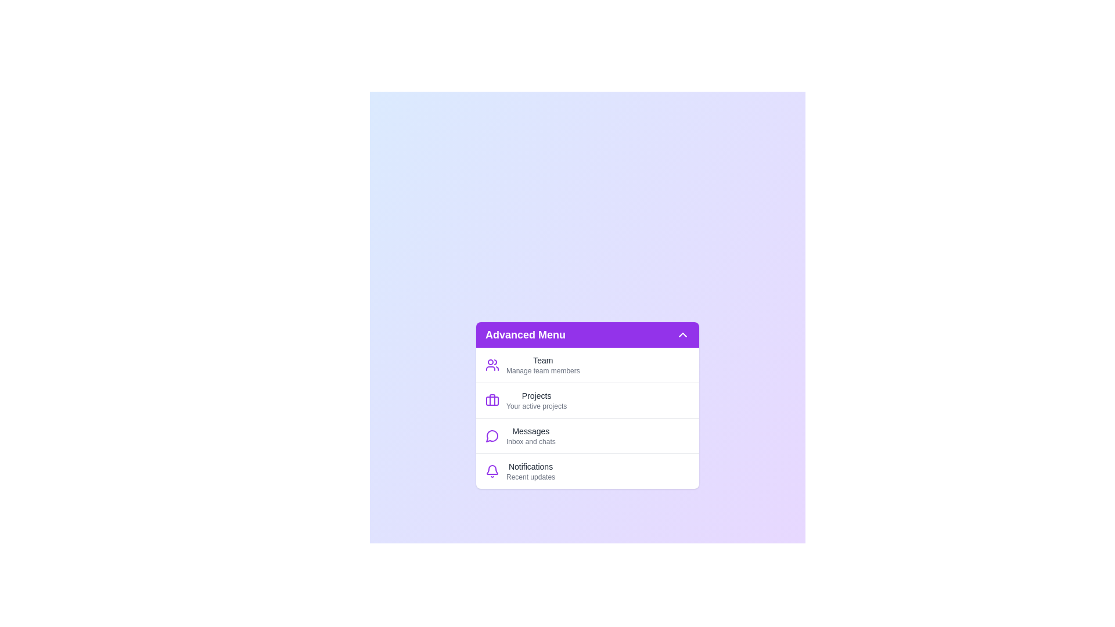  What do you see at coordinates (588, 364) in the screenshot?
I see `the menu item labeled Team` at bounding box center [588, 364].